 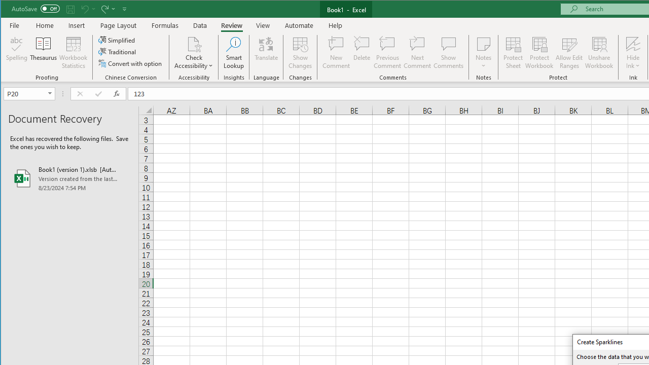 What do you see at coordinates (194, 43) in the screenshot?
I see `'Check Accessibility'` at bounding box center [194, 43].